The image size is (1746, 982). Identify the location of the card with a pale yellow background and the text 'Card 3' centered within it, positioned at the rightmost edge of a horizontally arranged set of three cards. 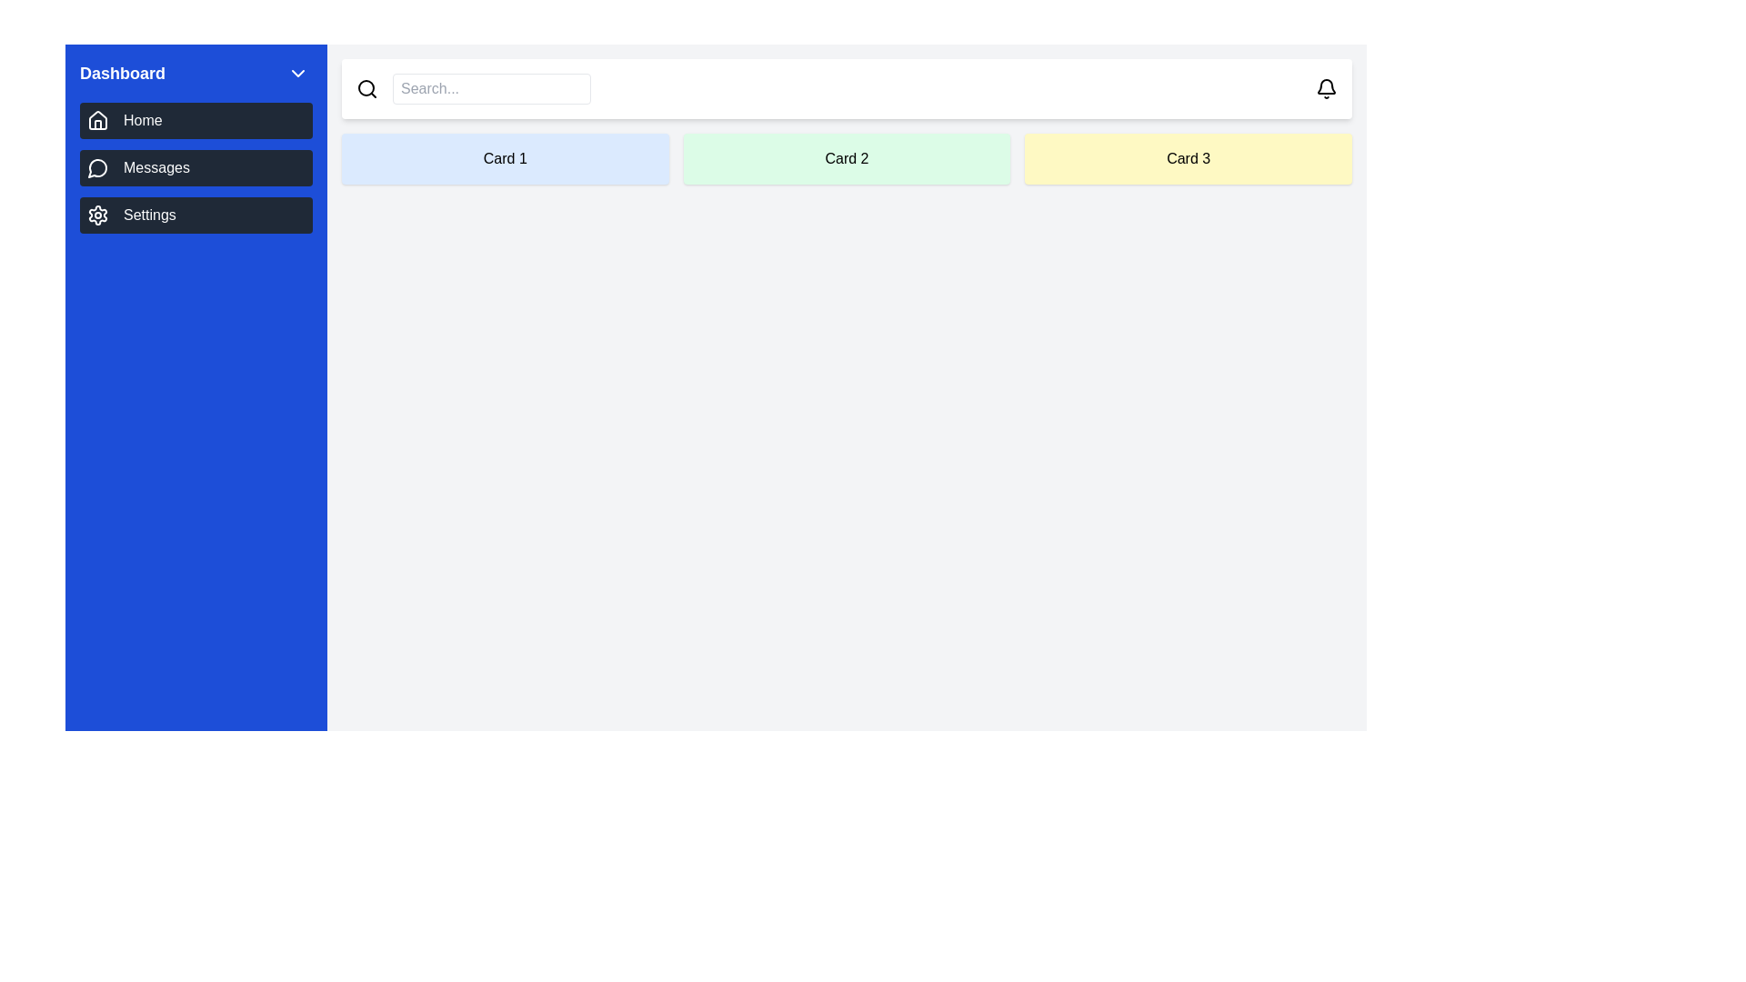
(1189, 157).